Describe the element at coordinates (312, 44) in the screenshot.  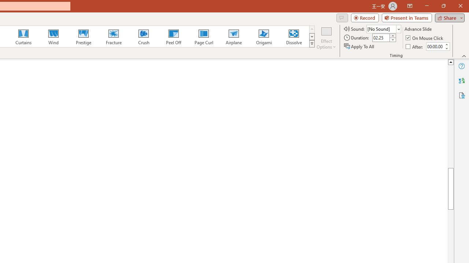
I see `'Transition Effects'` at that location.